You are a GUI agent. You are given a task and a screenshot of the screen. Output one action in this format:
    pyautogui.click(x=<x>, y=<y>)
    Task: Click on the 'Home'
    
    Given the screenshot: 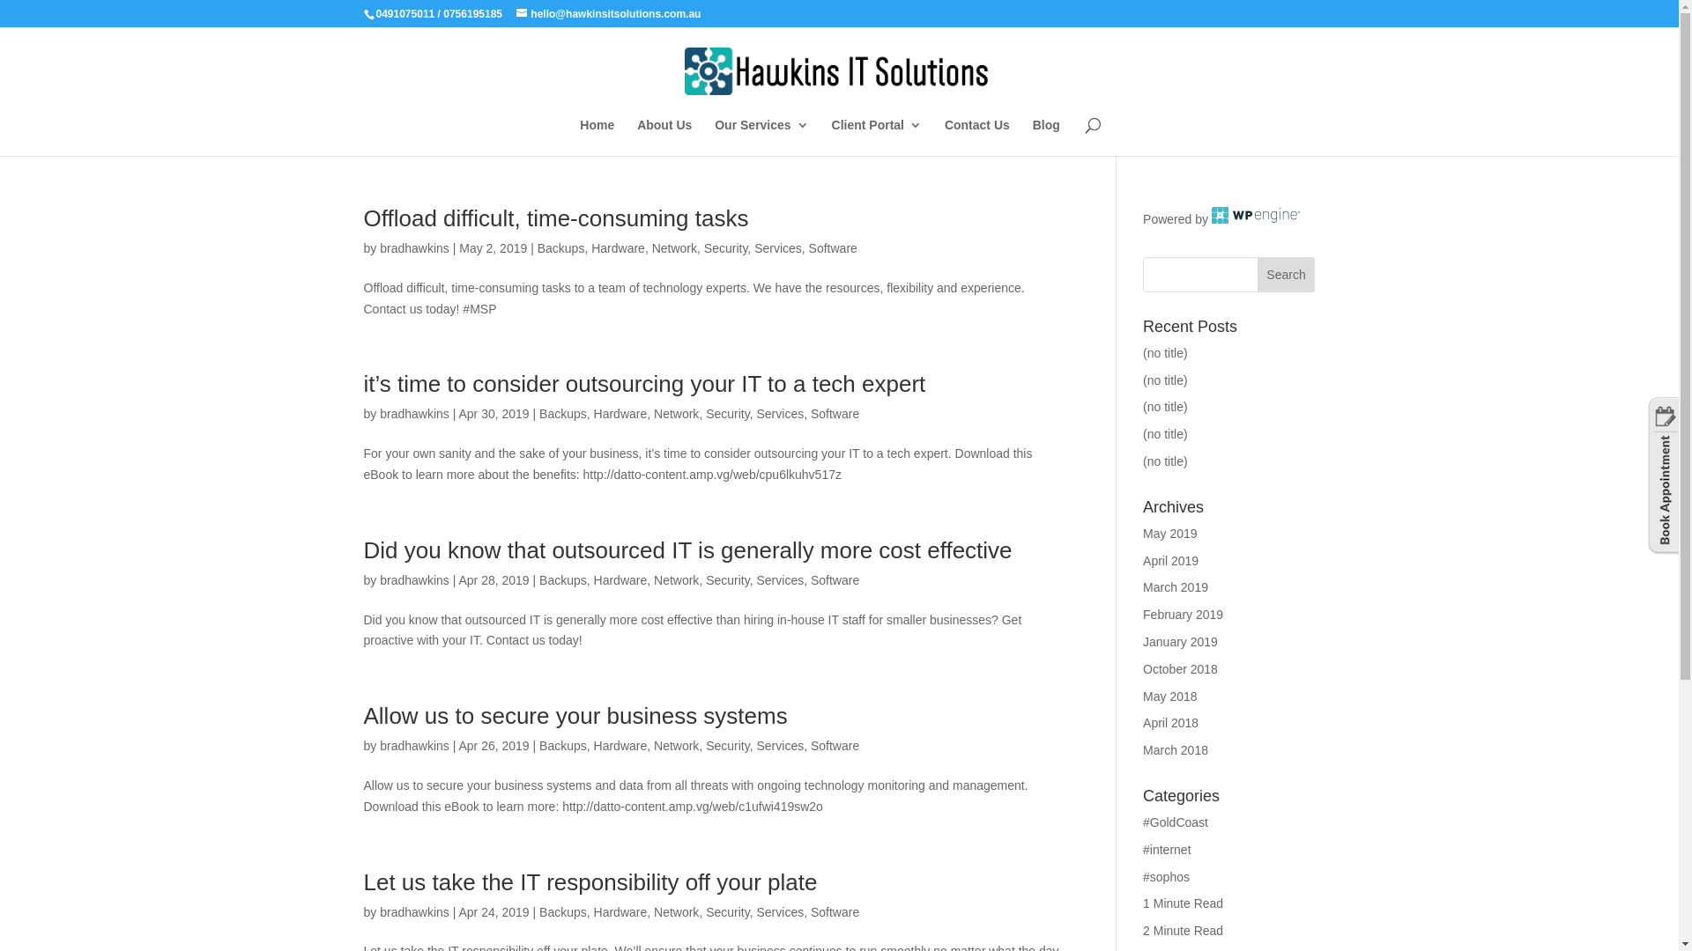 What is the action you would take?
    pyautogui.click(x=597, y=136)
    